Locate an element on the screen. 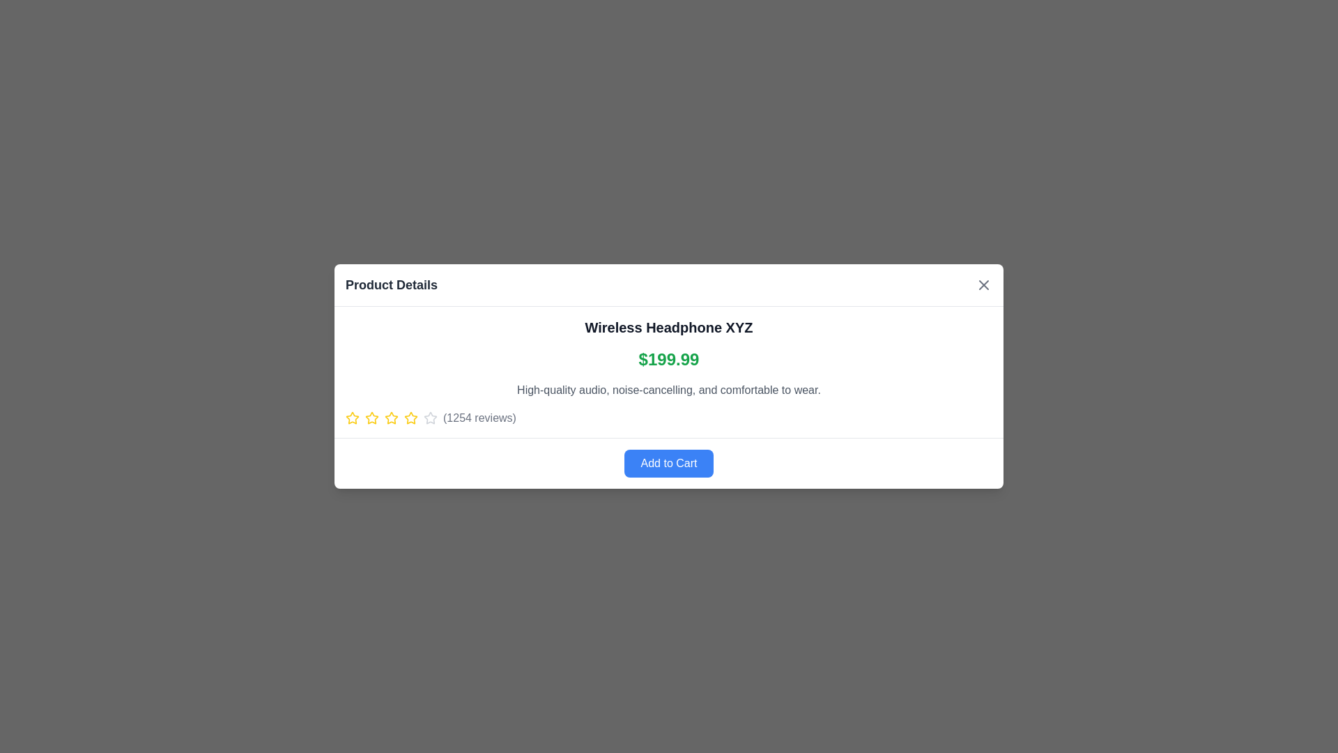  the 'Wireless Headphone XYZ' text label, which is prominently displayed in a bold and large font, located centrally above the price information is located at coordinates (669, 328).